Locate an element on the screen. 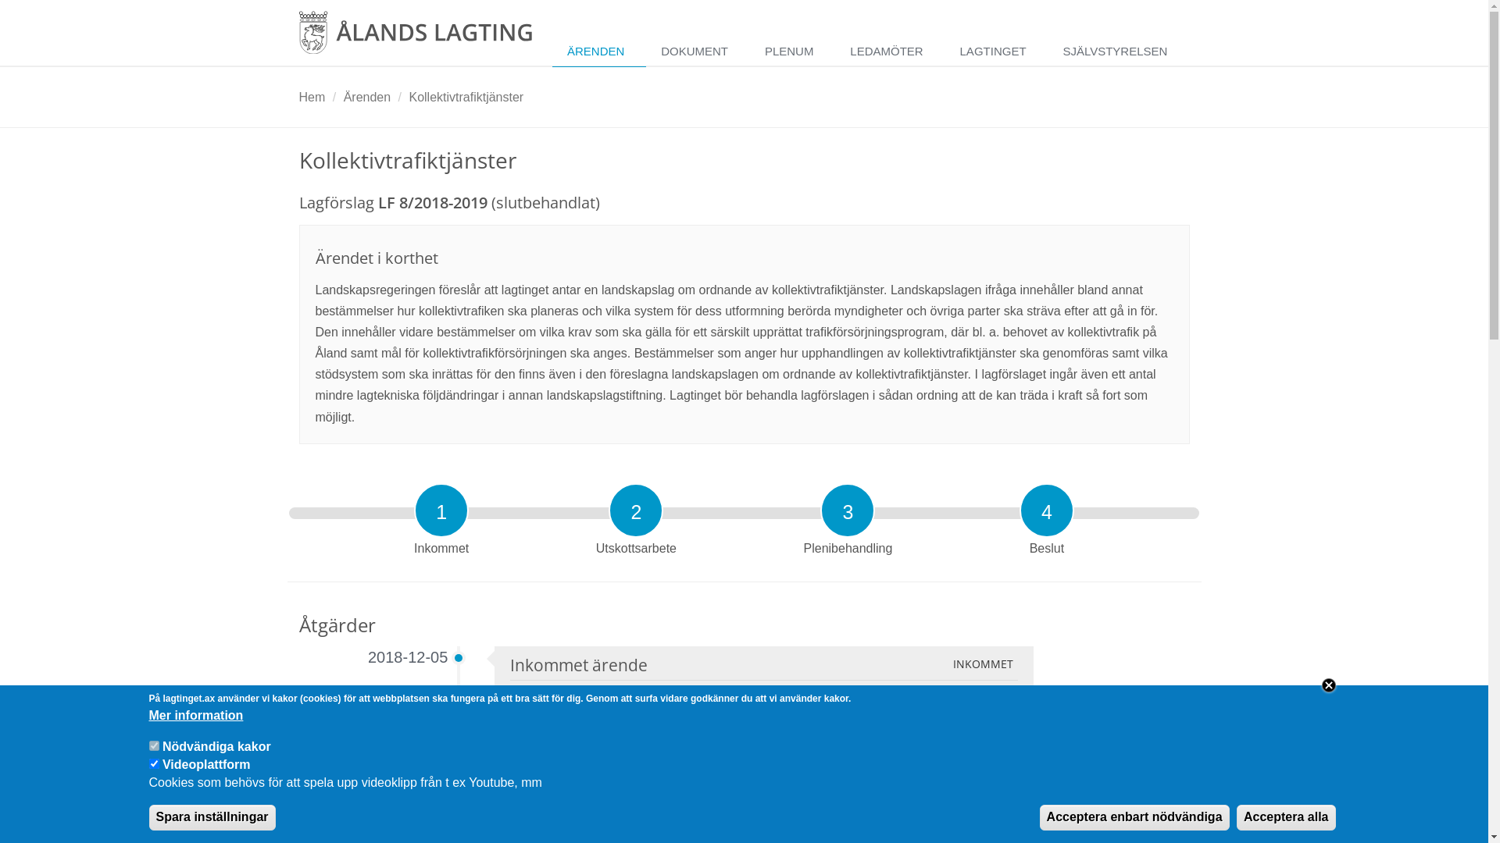 This screenshot has width=1500, height=843. '2' is located at coordinates (636, 510).